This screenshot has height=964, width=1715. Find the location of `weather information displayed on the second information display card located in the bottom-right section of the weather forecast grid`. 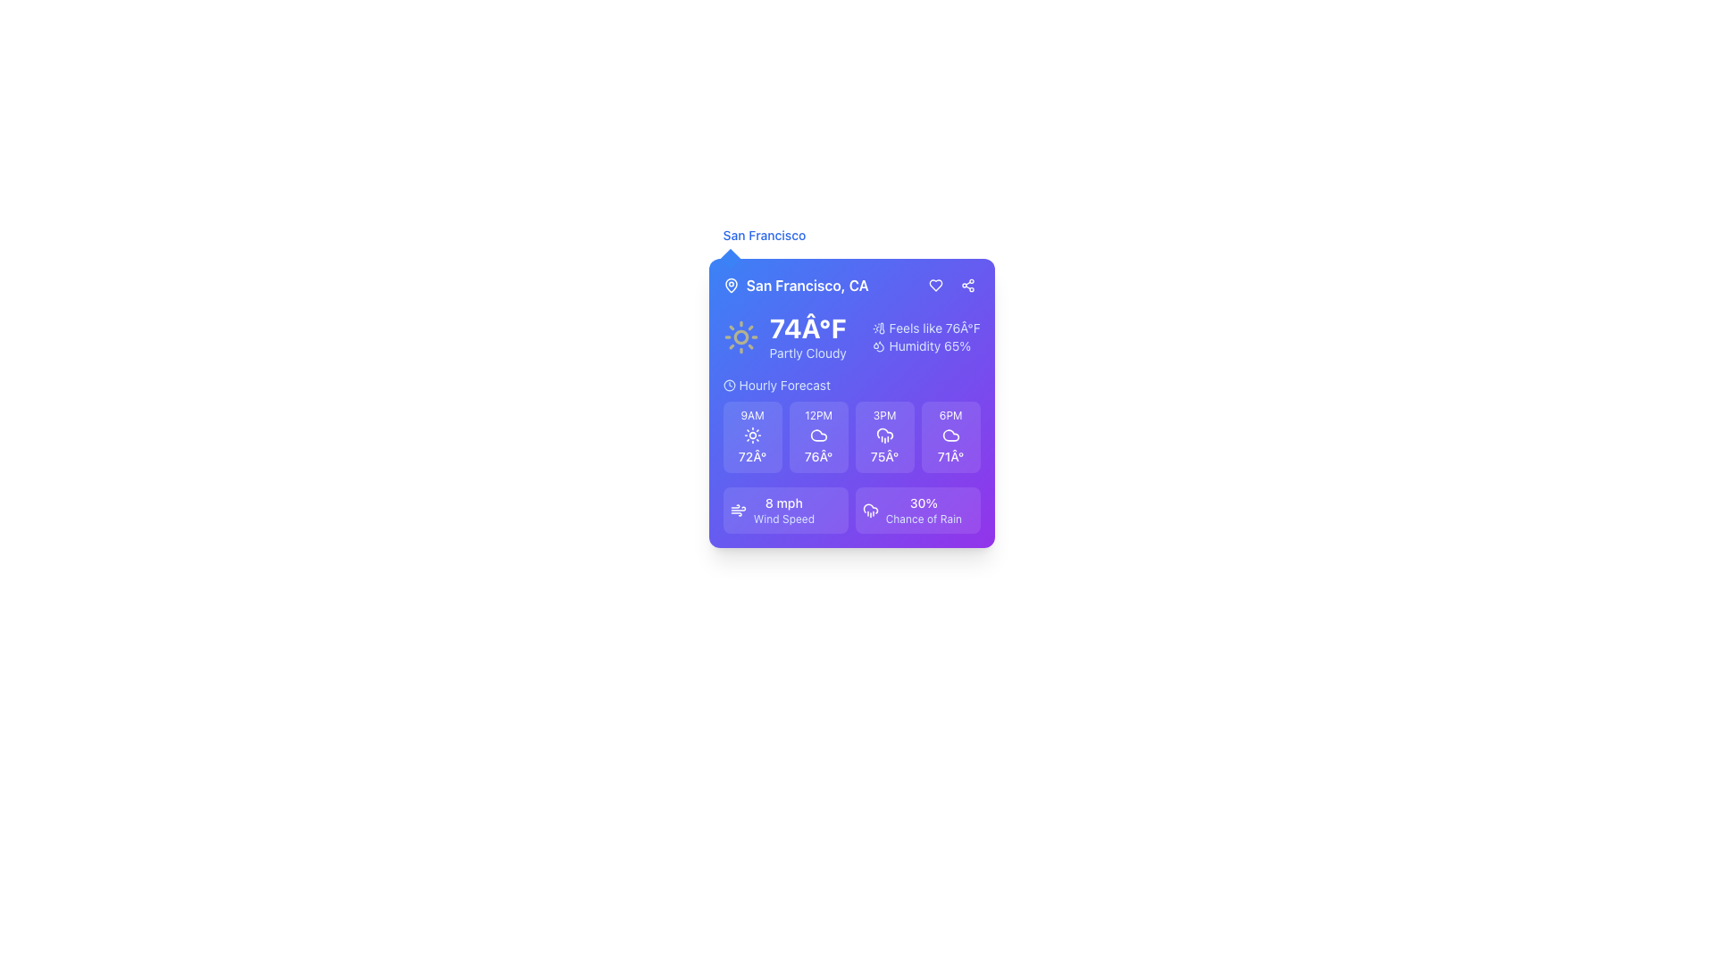

weather information displayed on the second information display card located in the bottom-right section of the weather forecast grid is located at coordinates (917, 510).